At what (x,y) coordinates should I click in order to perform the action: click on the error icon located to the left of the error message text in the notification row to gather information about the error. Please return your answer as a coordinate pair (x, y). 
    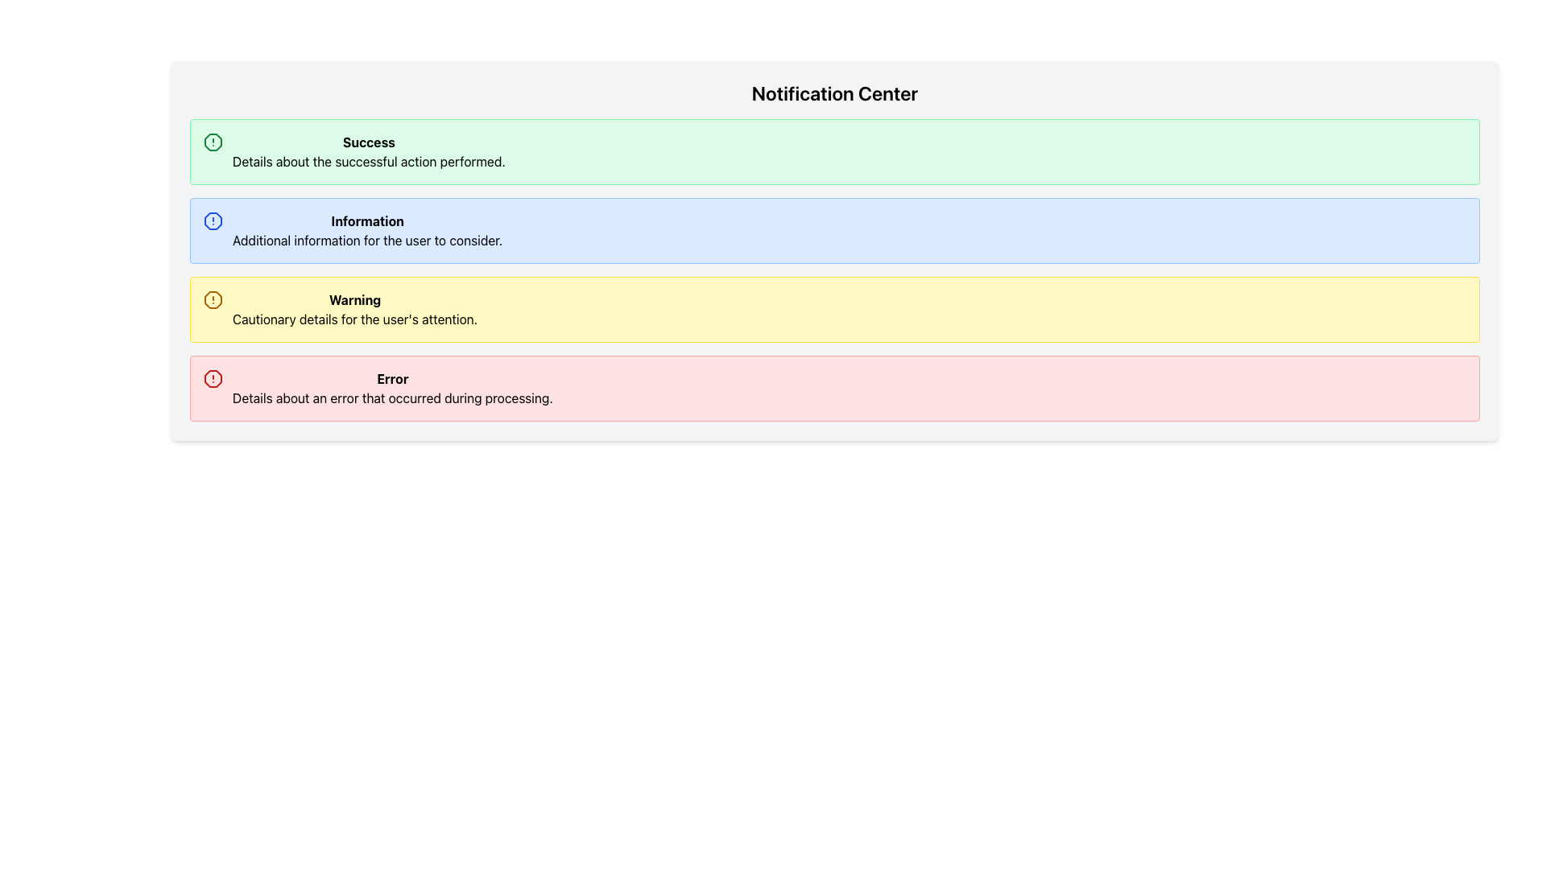
    Looking at the image, I should click on (212, 378).